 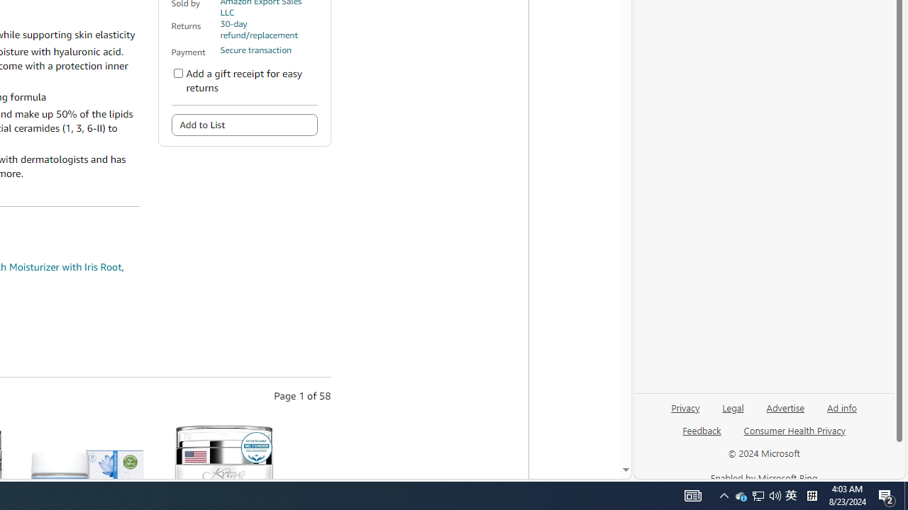 What do you see at coordinates (842, 407) in the screenshot?
I see `'Ad info'` at bounding box center [842, 407].